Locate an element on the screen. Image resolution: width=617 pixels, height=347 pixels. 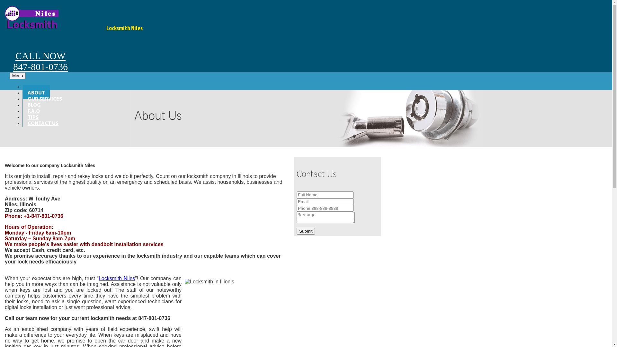
'ABOUT' is located at coordinates (23, 92).